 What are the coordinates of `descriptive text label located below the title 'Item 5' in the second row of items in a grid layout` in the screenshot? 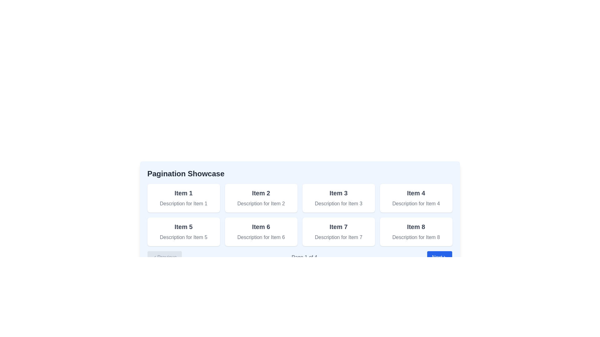 It's located at (183, 237).